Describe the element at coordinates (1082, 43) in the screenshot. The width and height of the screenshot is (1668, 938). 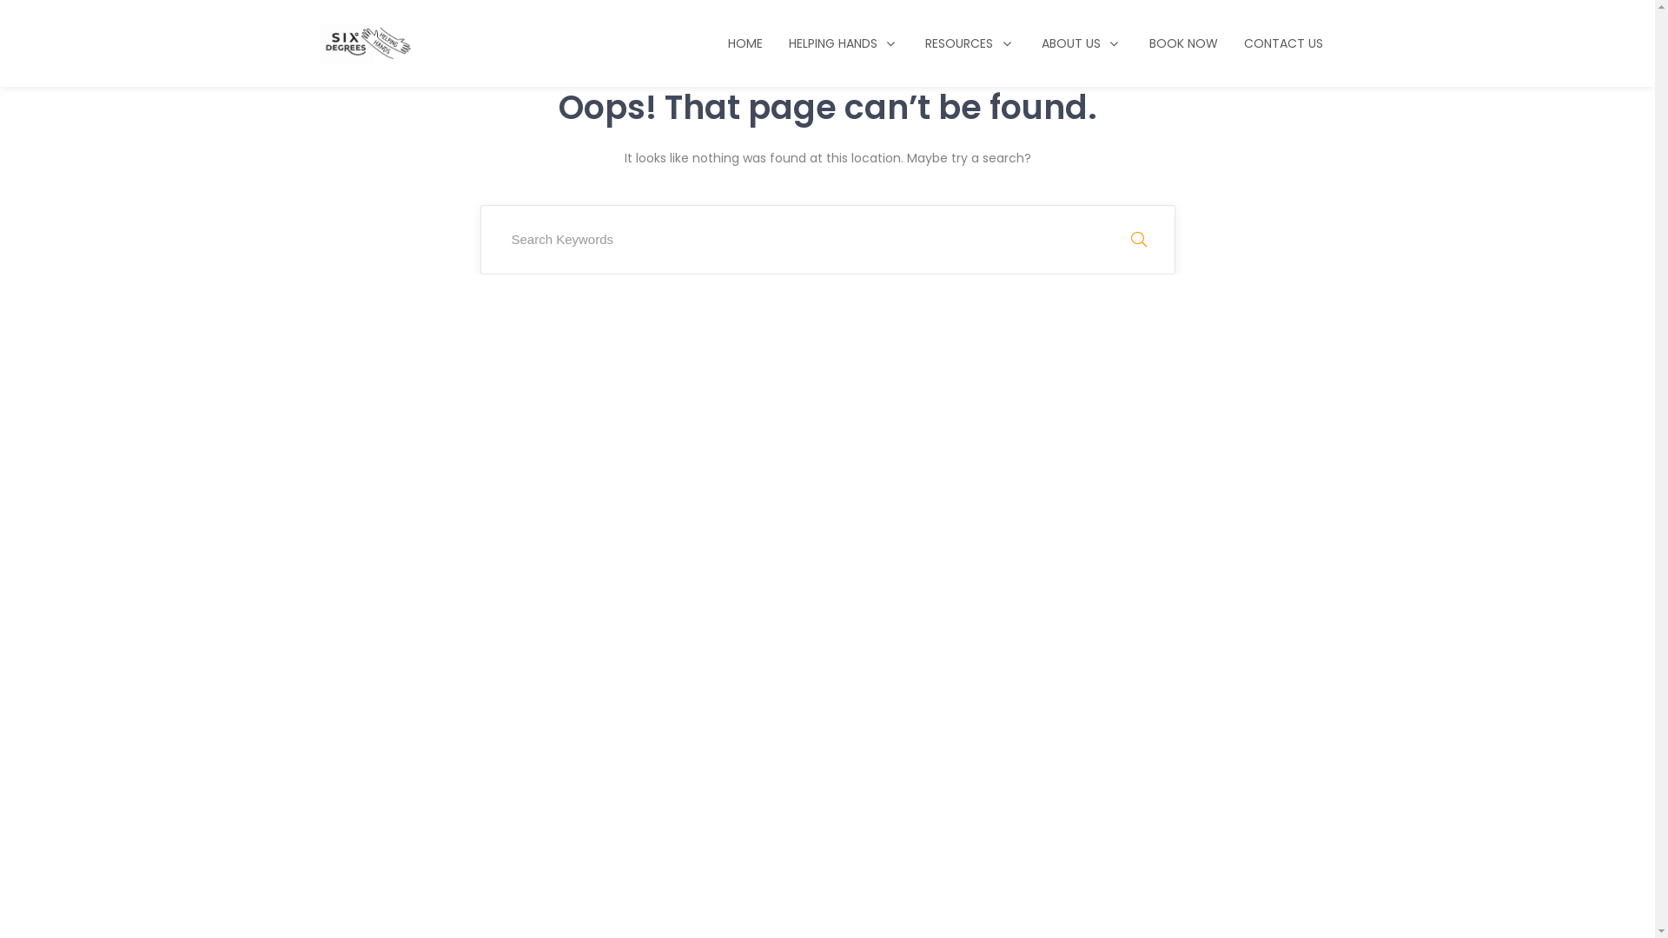
I see `'ABOUT US'` at that location.